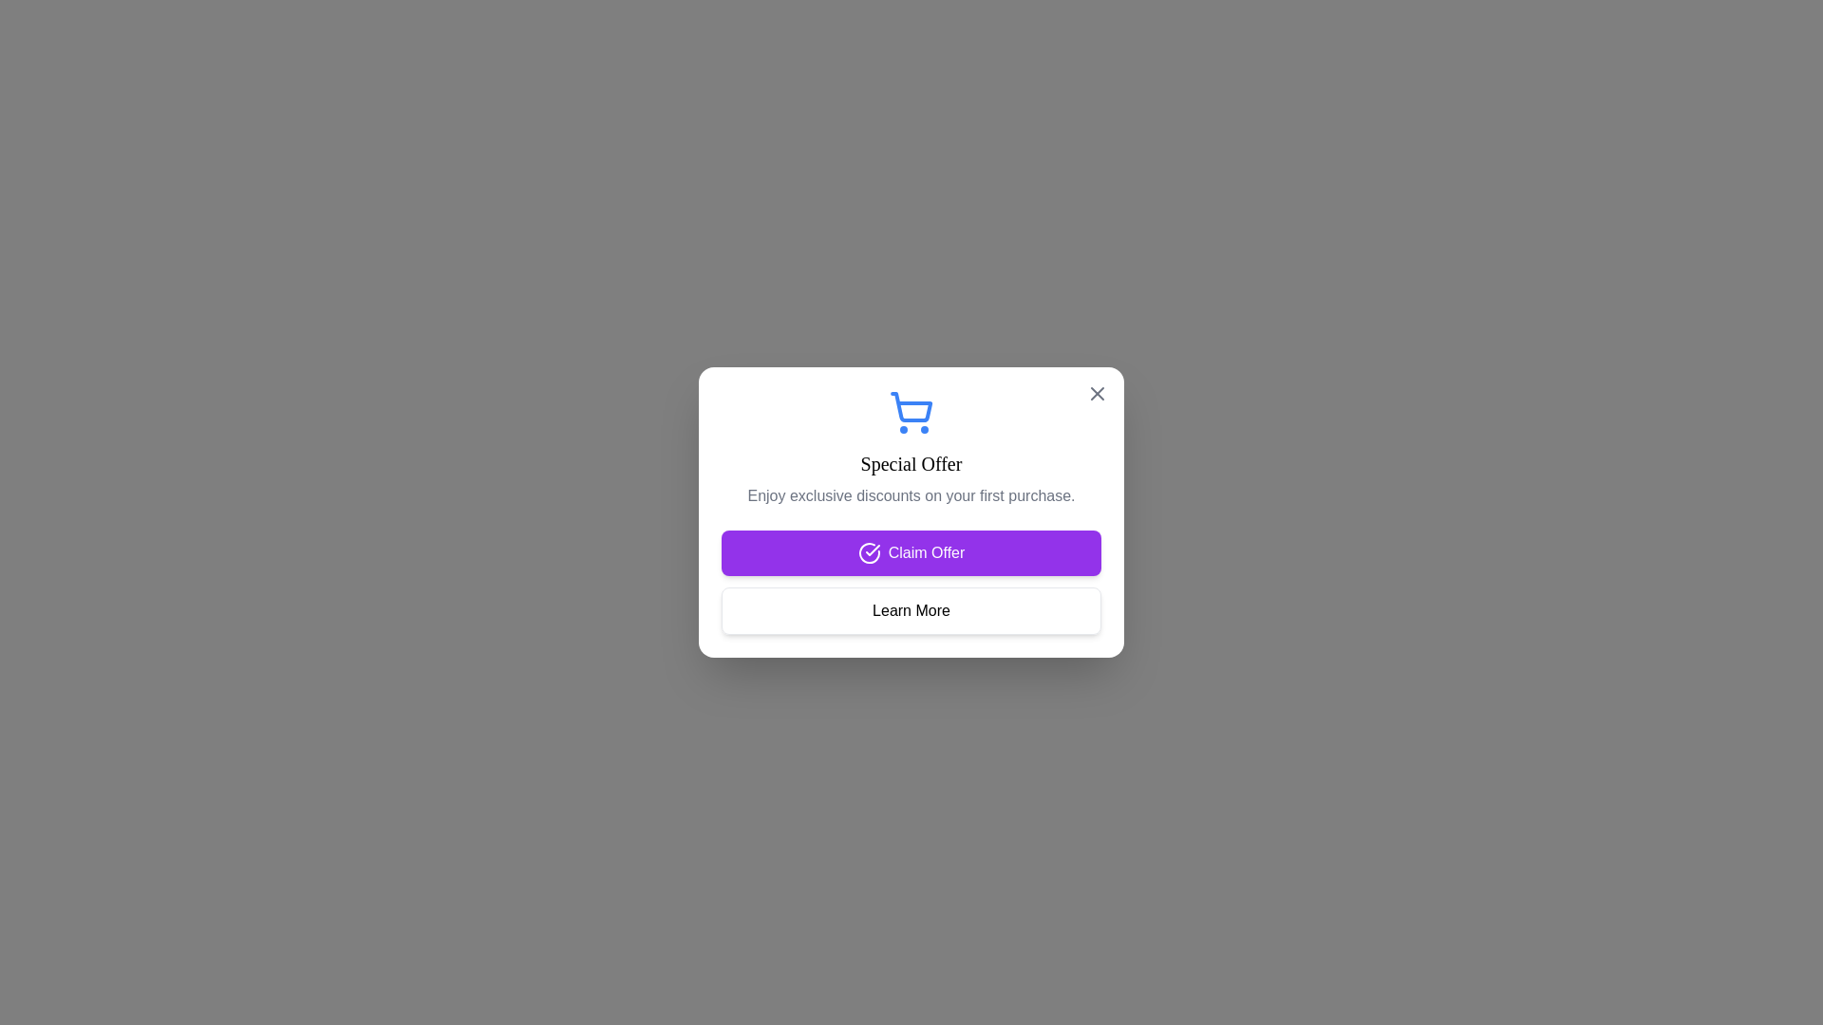 Image resolution: width=1823 pixels, height=1025 pixels. Describe the element at coordinates (911, 552) in the screenshot. I see `the 'Claim Offer' button to claim the offer` at that location.